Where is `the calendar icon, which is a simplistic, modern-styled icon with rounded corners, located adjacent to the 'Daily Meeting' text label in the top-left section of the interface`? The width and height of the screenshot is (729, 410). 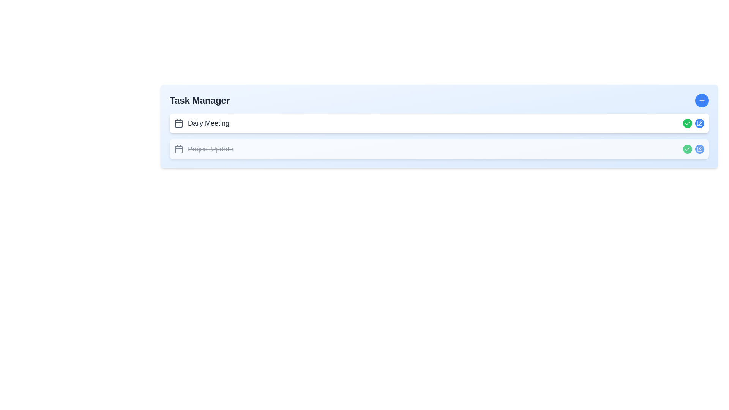 the calendar icon, which is a simplistic, modern-styled icon with rounded corners, located adjacent to the 'Daily Meeting' text label in the top-left section of the interface is located at coordinates (178, 123).